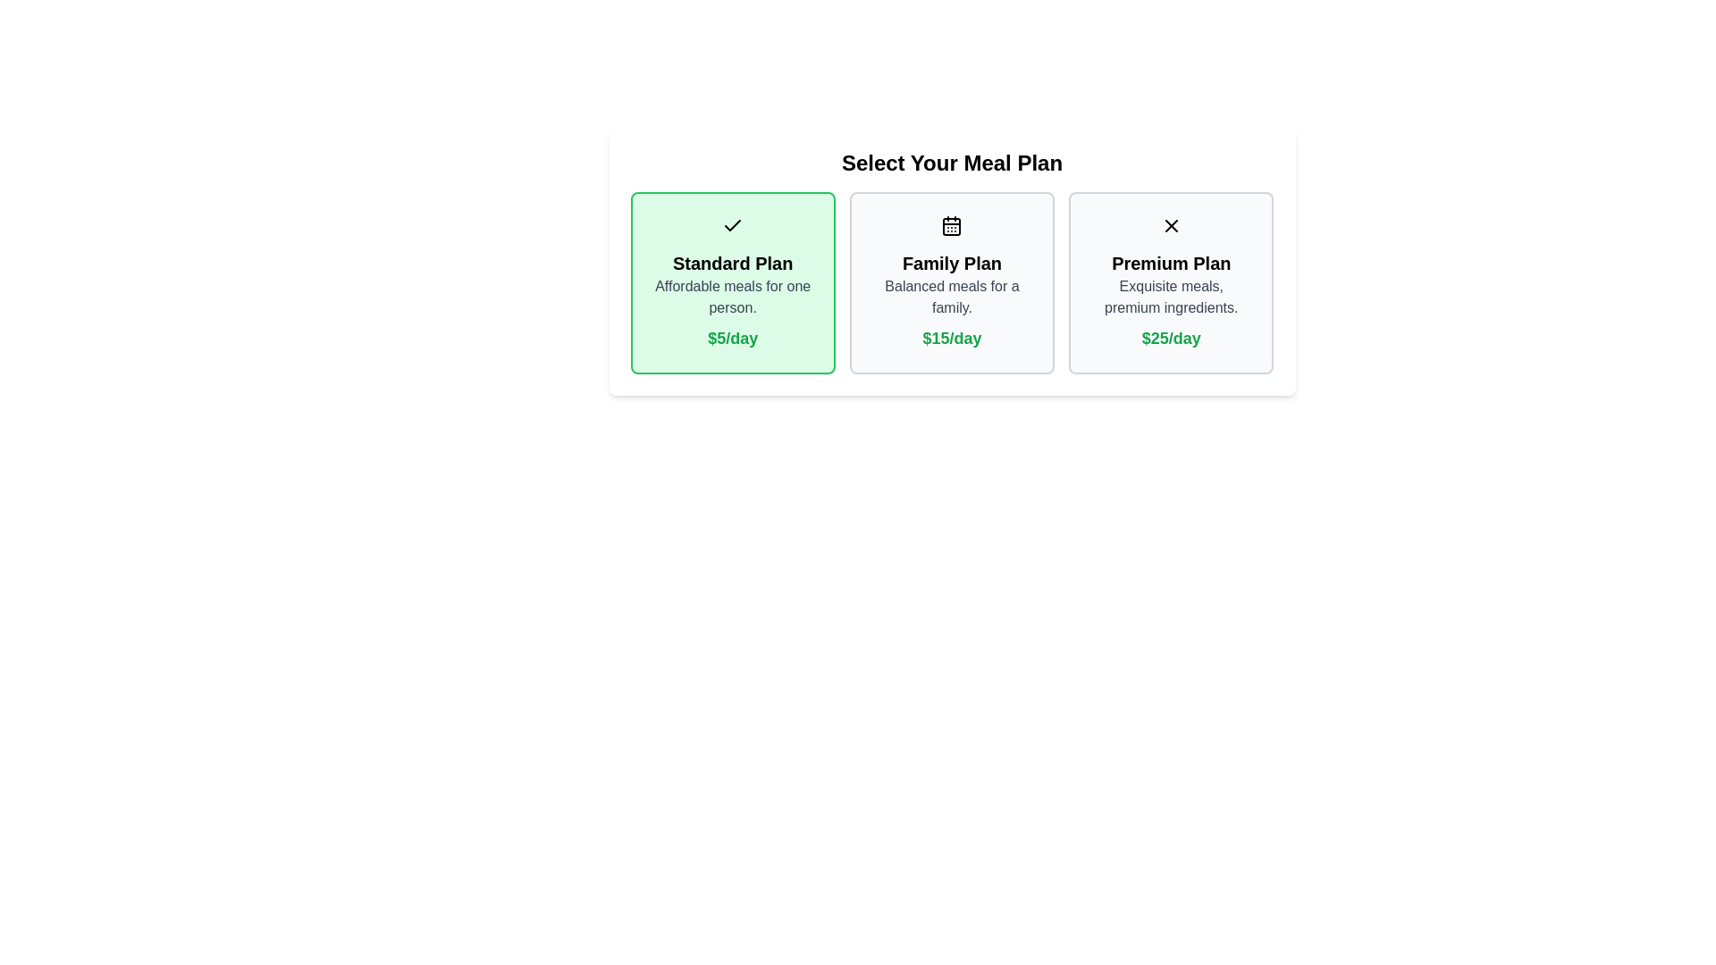  What do you see at coordinates (951, 281) in the screenshot?
I see `information regarding the 'Family Plan' option presented in the selectable card located in the central column of the layout` at bounding box center [951, 281].